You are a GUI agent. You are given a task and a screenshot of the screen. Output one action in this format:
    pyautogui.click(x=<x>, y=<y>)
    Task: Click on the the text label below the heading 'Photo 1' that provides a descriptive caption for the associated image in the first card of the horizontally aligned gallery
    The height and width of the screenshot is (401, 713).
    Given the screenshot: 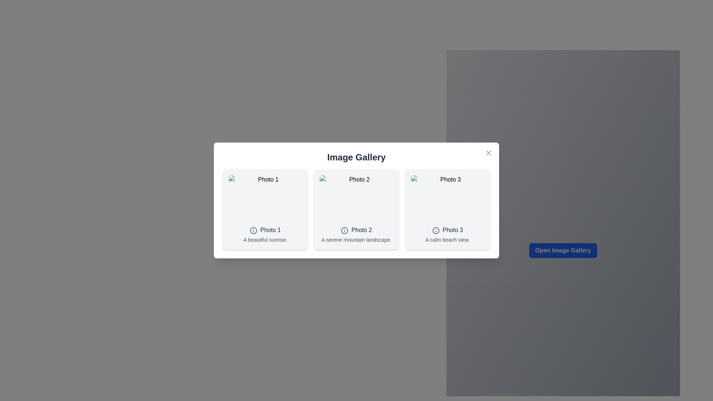 What is the action you would take?
    pyautogui.click(x=265, y=239)
    